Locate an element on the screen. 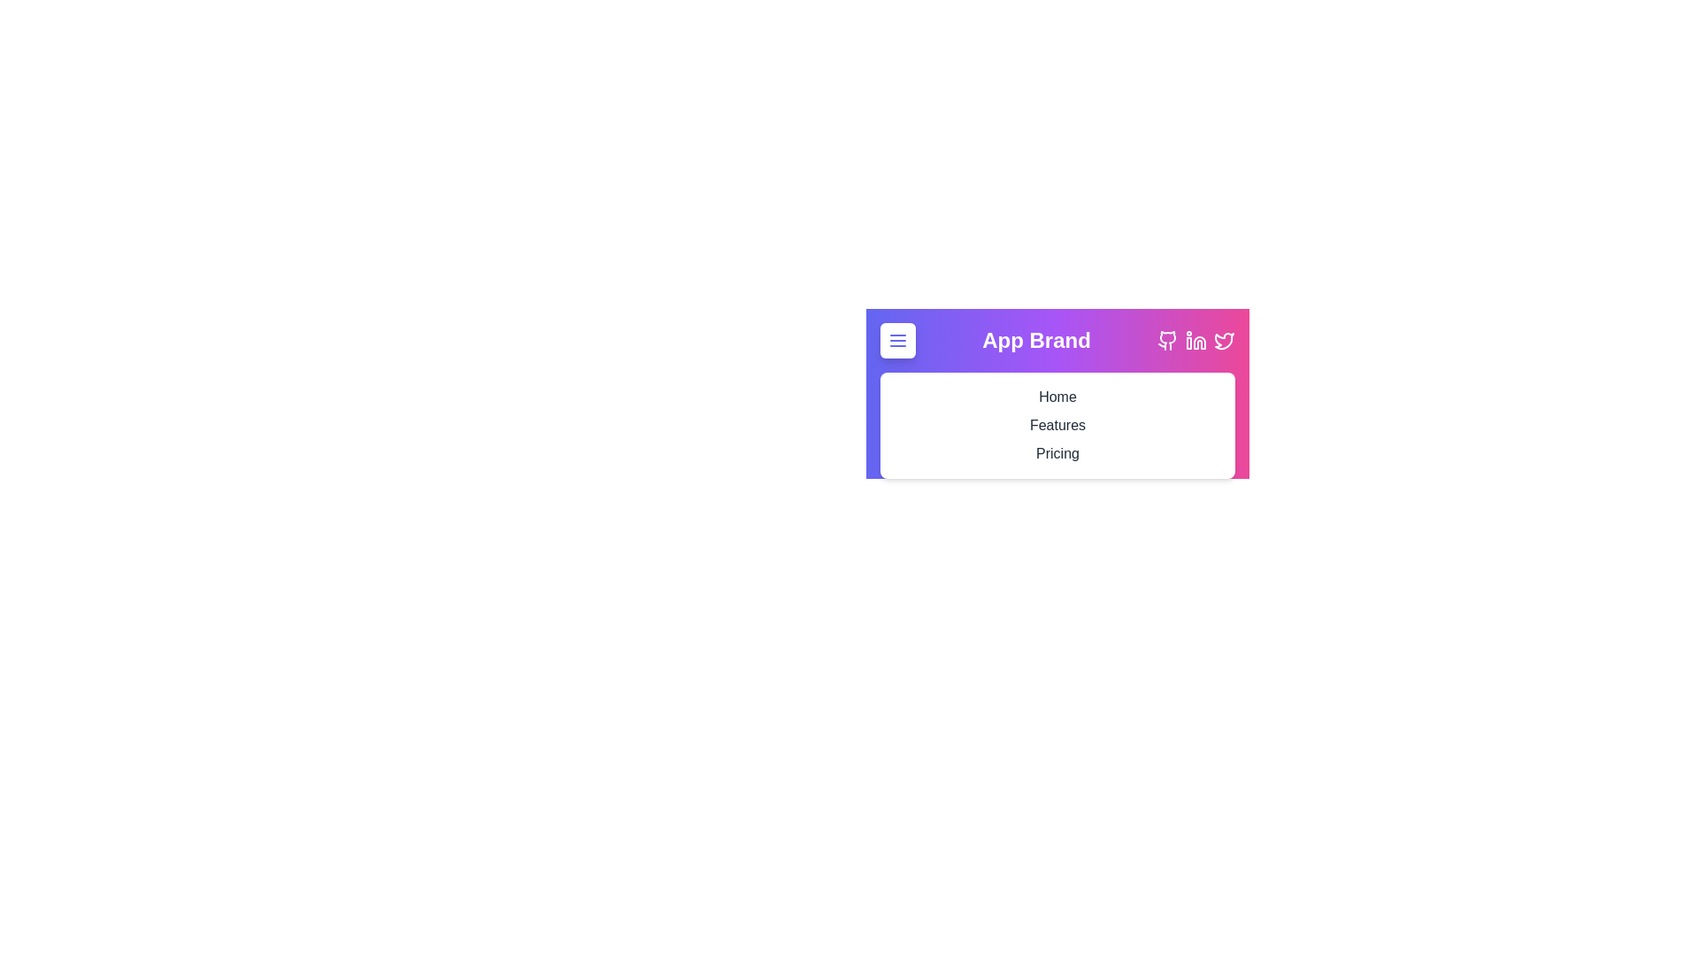 The height and width of the screenshot is (956, 1699). the 'Features' navigation link is located at coordinates (1057, 426).